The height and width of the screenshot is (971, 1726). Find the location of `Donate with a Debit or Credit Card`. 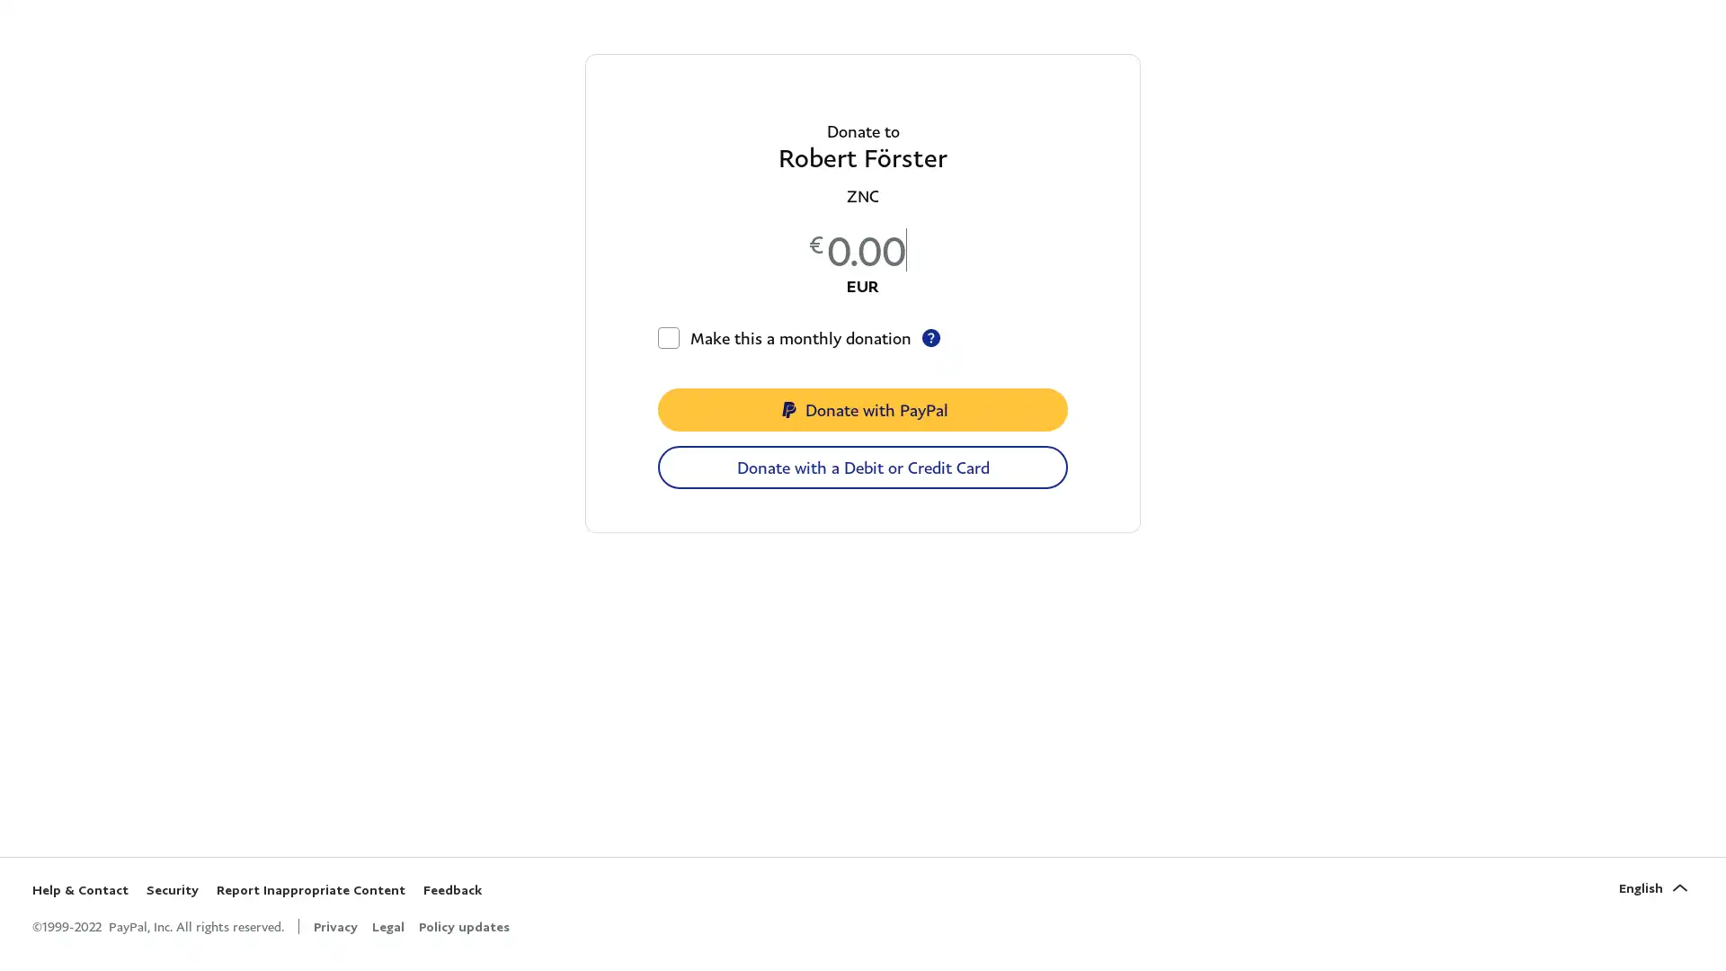

Donate with a Debit or Credit Card is located at coordinates (863, 467).